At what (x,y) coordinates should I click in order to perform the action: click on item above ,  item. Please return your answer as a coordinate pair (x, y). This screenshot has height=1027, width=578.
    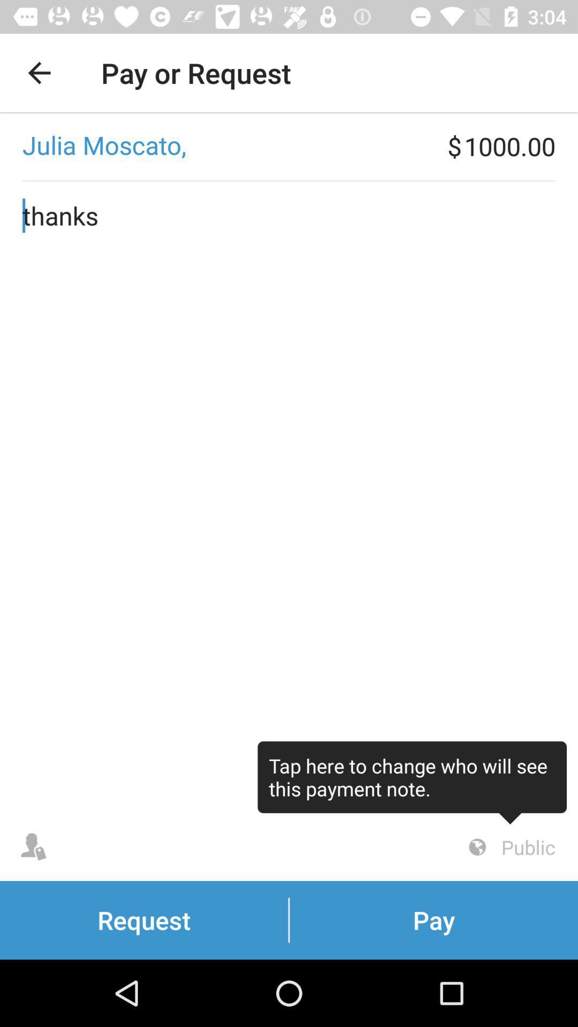
    Looking at the image, I should click on (39, 72).